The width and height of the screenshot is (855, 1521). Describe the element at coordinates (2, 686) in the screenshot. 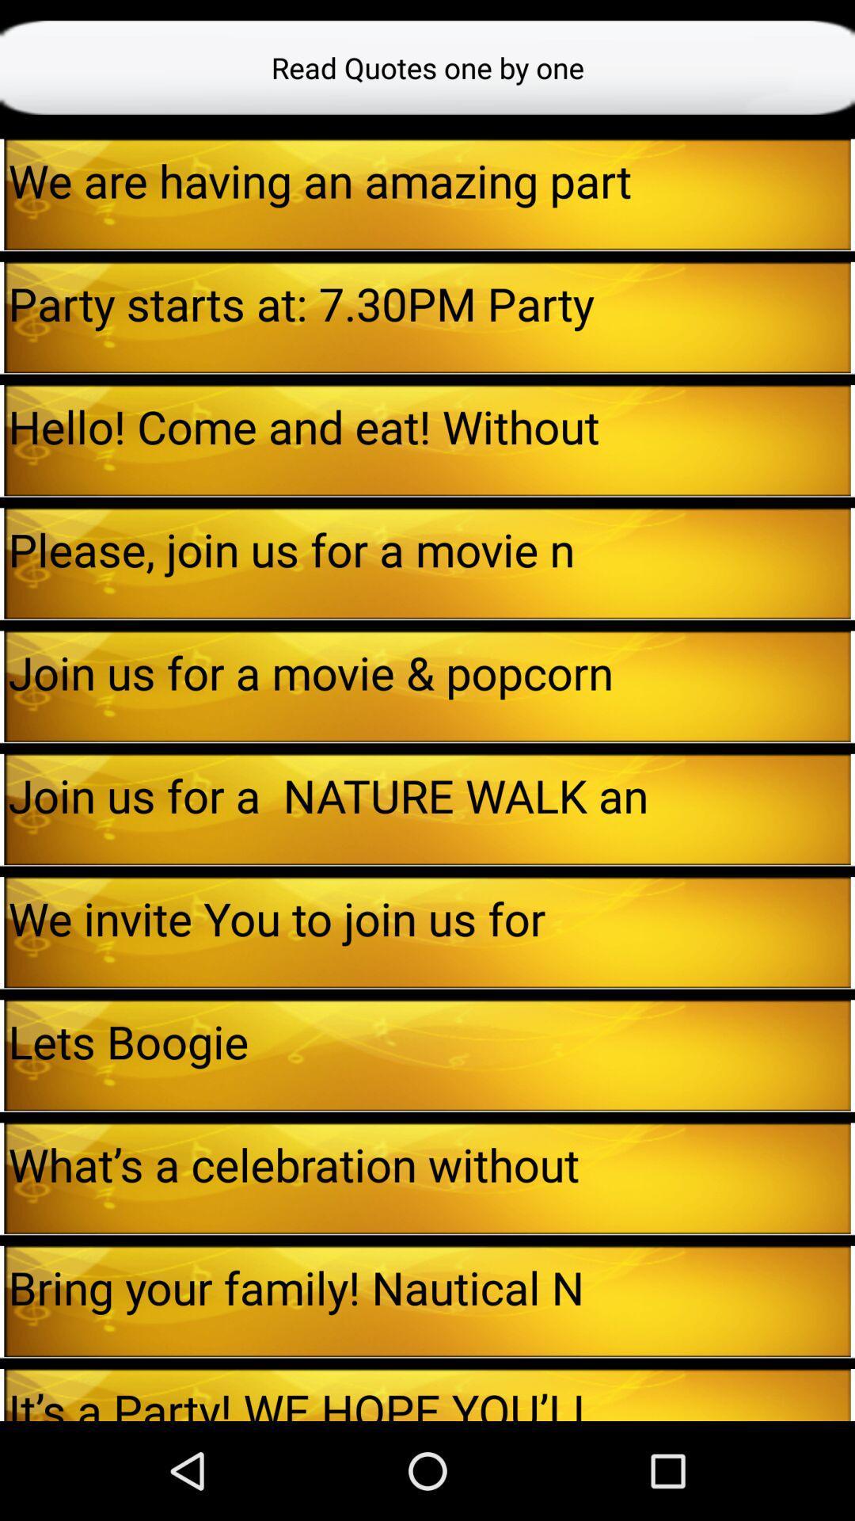

I see `the icon next to join us for app` at that location.